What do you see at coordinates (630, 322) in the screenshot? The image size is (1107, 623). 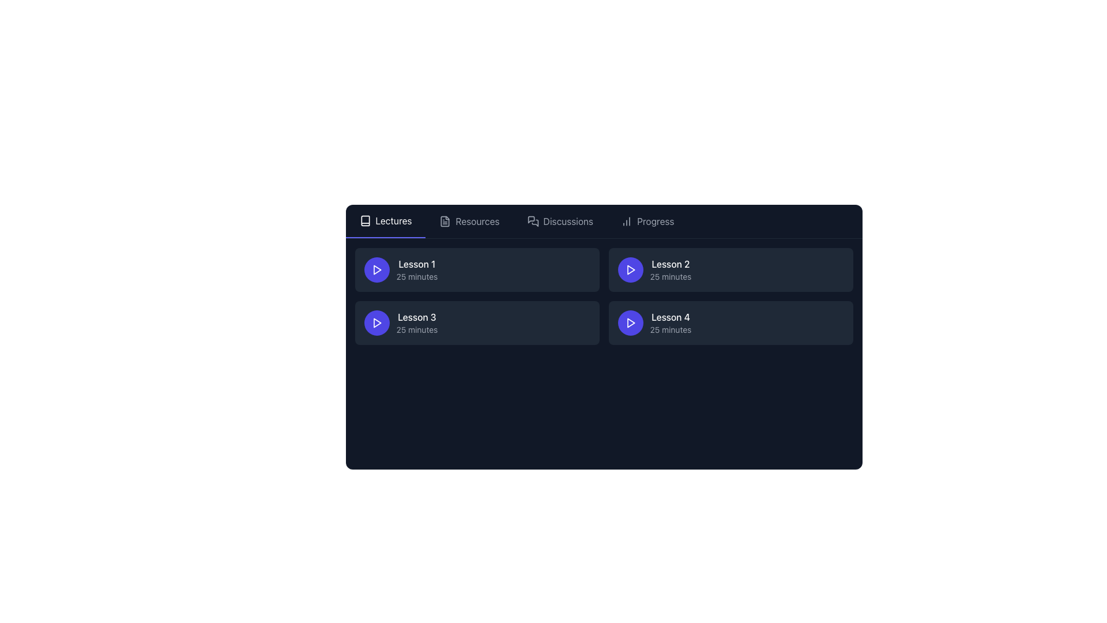 I see `the triangular play icon outlined with a vibrant white line, located in the lower-right card representing 'Lesson 4'` at bounding box center [630, 322].